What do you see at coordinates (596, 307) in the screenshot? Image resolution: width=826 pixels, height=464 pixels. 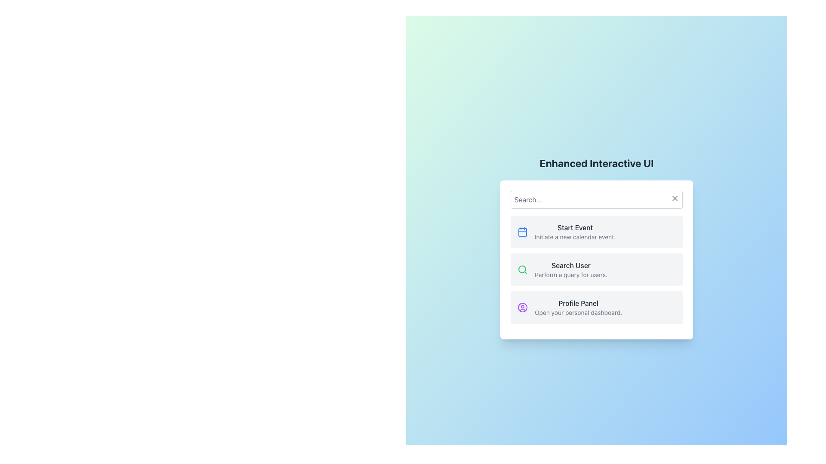 I see `the interactive panel labeled 'Profile Panel' with a purple person icon` at bounding box center [596, 307].